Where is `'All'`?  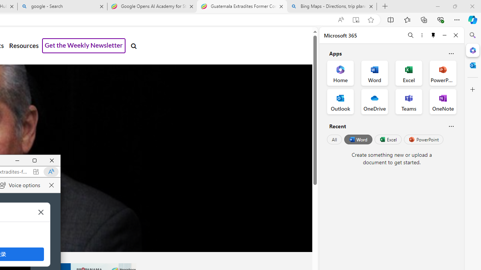
'All' is located at coordinates (334, 139).